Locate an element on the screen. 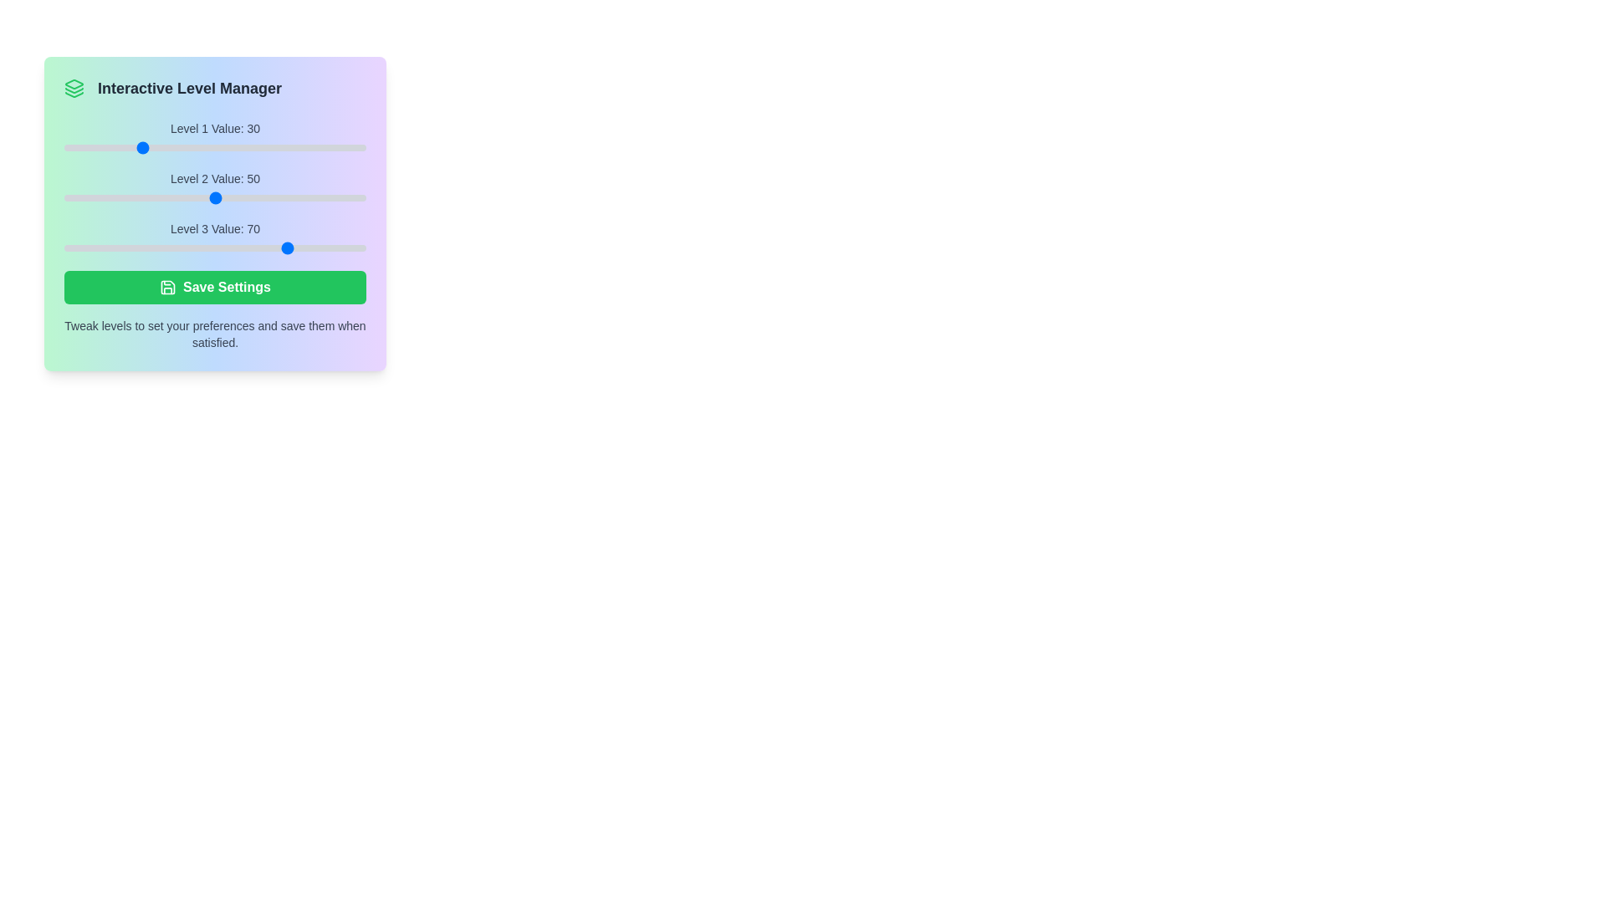  the Level 3 Value slider is located at coordinates (335, 248).